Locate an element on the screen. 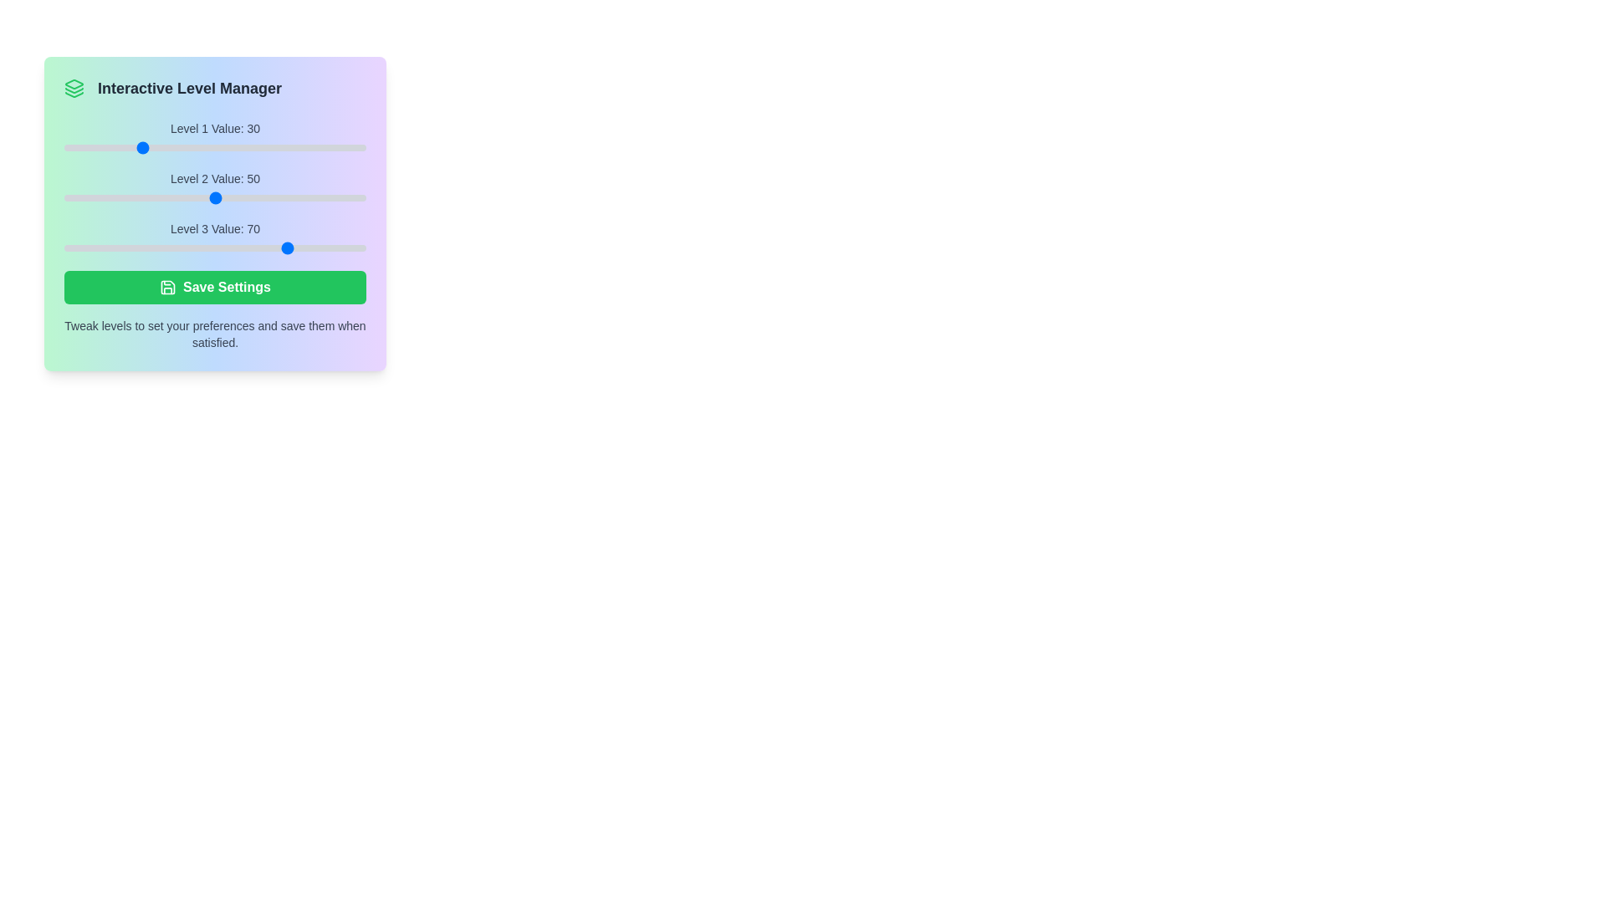  the Level 3 Value slider is located at coordinates (335, 248).